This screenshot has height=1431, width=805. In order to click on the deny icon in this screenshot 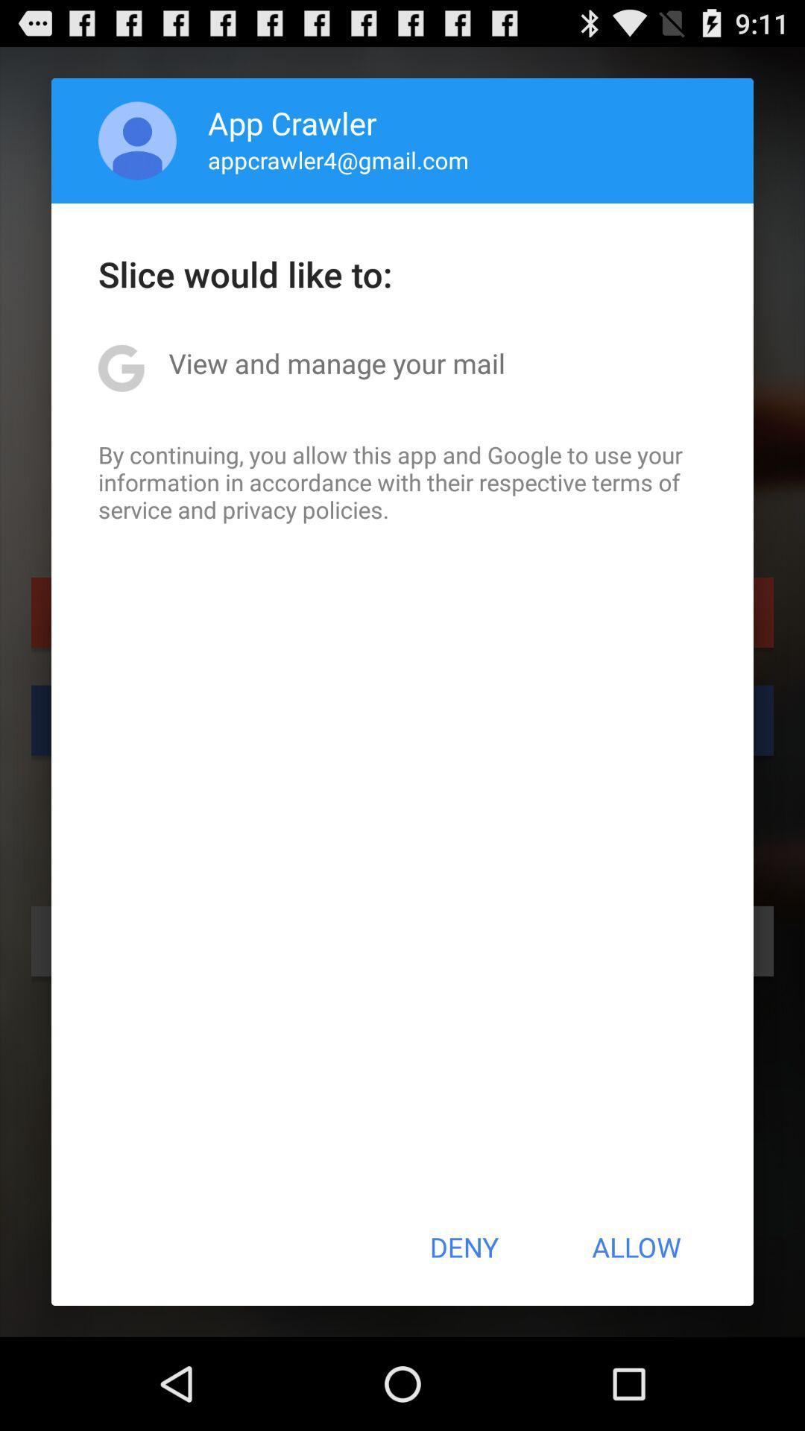, I will do `click(463, 1247)`.